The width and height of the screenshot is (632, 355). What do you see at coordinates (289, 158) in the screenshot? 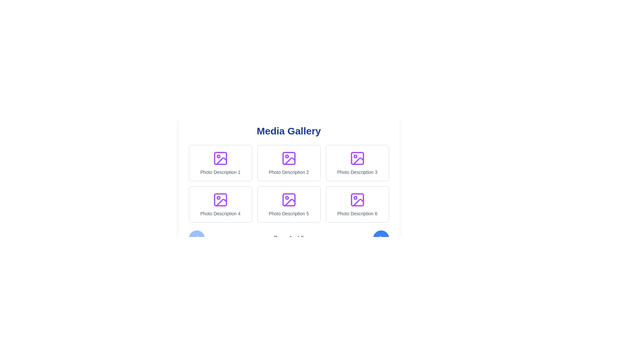
I see `the upper centered Image Icon in the grid layout under the 'Media Gallery' title` at bounding box center [289, 158].